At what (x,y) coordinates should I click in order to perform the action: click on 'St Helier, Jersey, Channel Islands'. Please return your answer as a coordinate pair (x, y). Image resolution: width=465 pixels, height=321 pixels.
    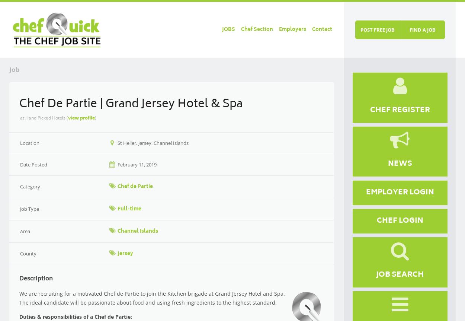
    Looking at the image, I should click on (153, 143).